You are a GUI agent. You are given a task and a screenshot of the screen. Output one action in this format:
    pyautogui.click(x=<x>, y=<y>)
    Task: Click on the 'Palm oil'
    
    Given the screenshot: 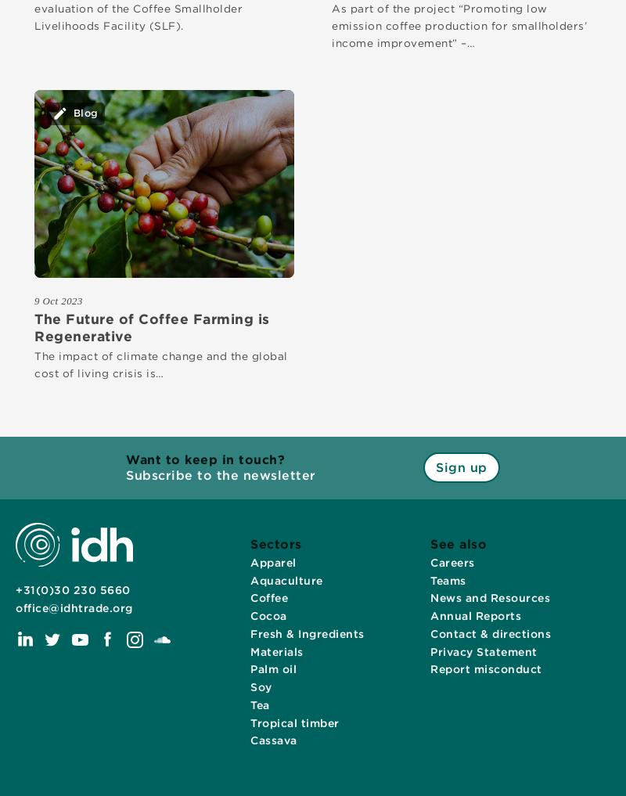 What is the action you would take?
    pyautogui.click(x=273, y=668)
    